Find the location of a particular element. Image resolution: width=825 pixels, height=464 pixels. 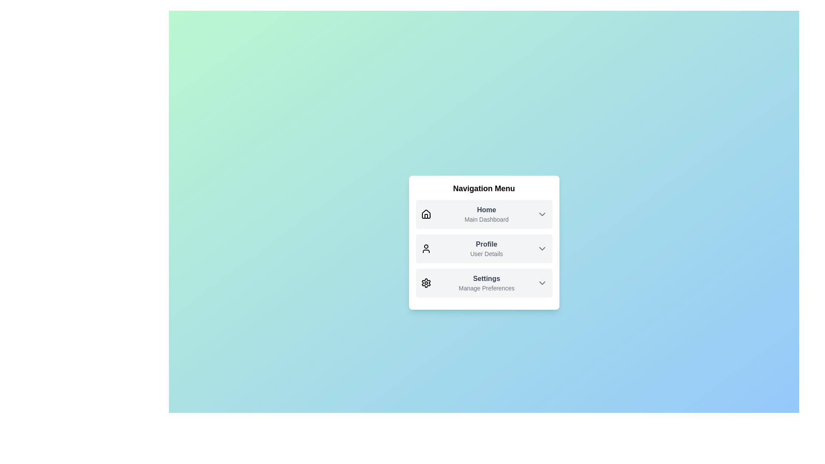

the ChevronDown icon for Home to expand or collapse the dropdown is located at coordinates (541, 214).